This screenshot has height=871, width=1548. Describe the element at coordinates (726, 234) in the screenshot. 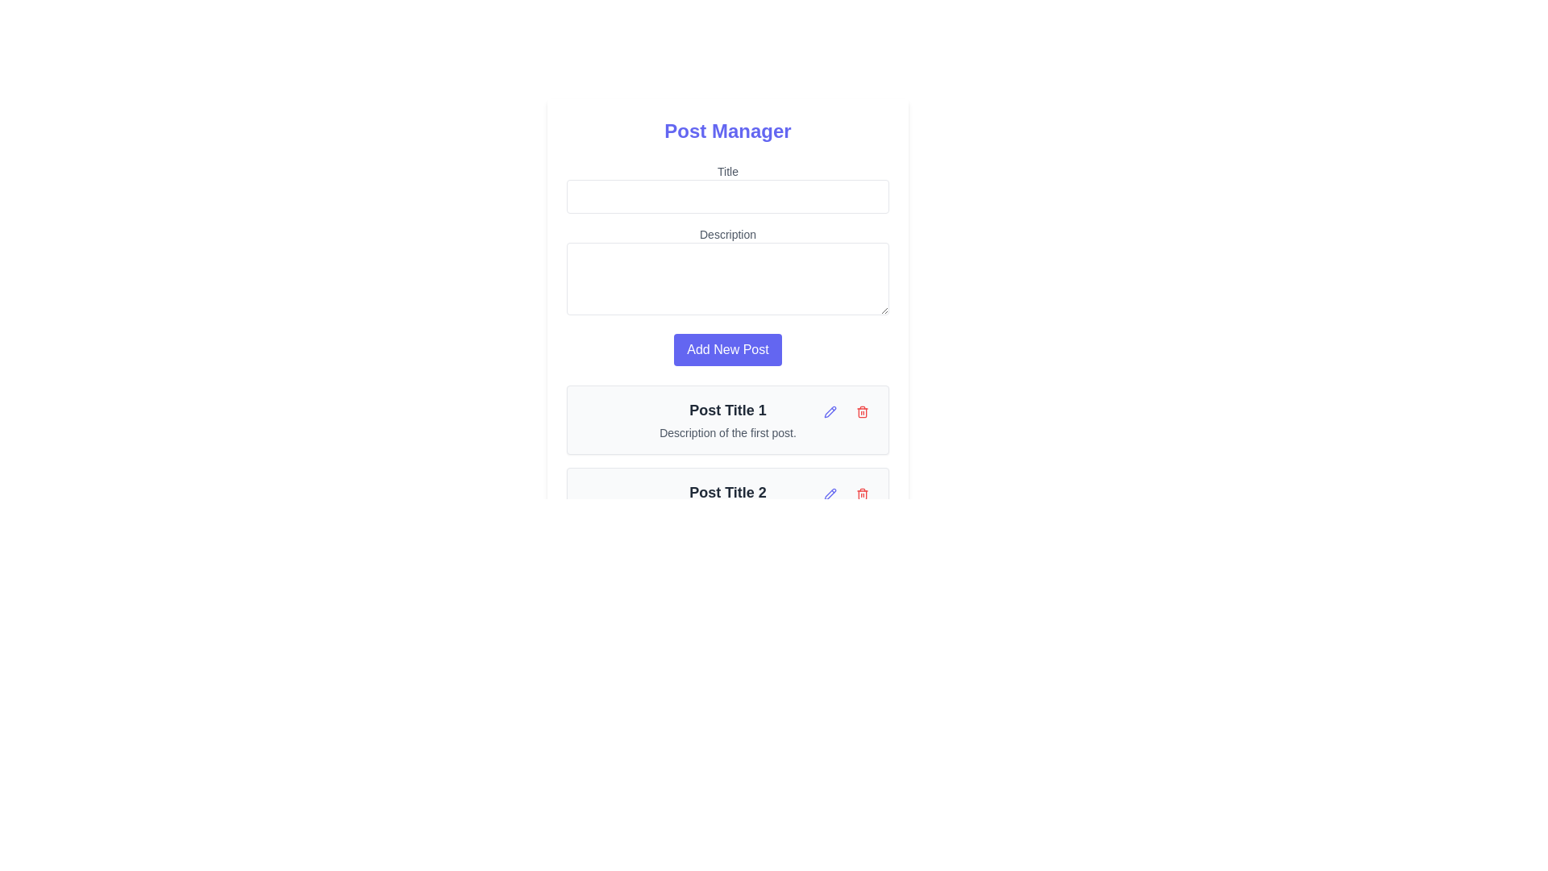

I see `the text label displaying the word 'Description', which is styled with a smaller font size and gray color, indicating its role as a secondary or caption-like element above a textarea input field` at that location.